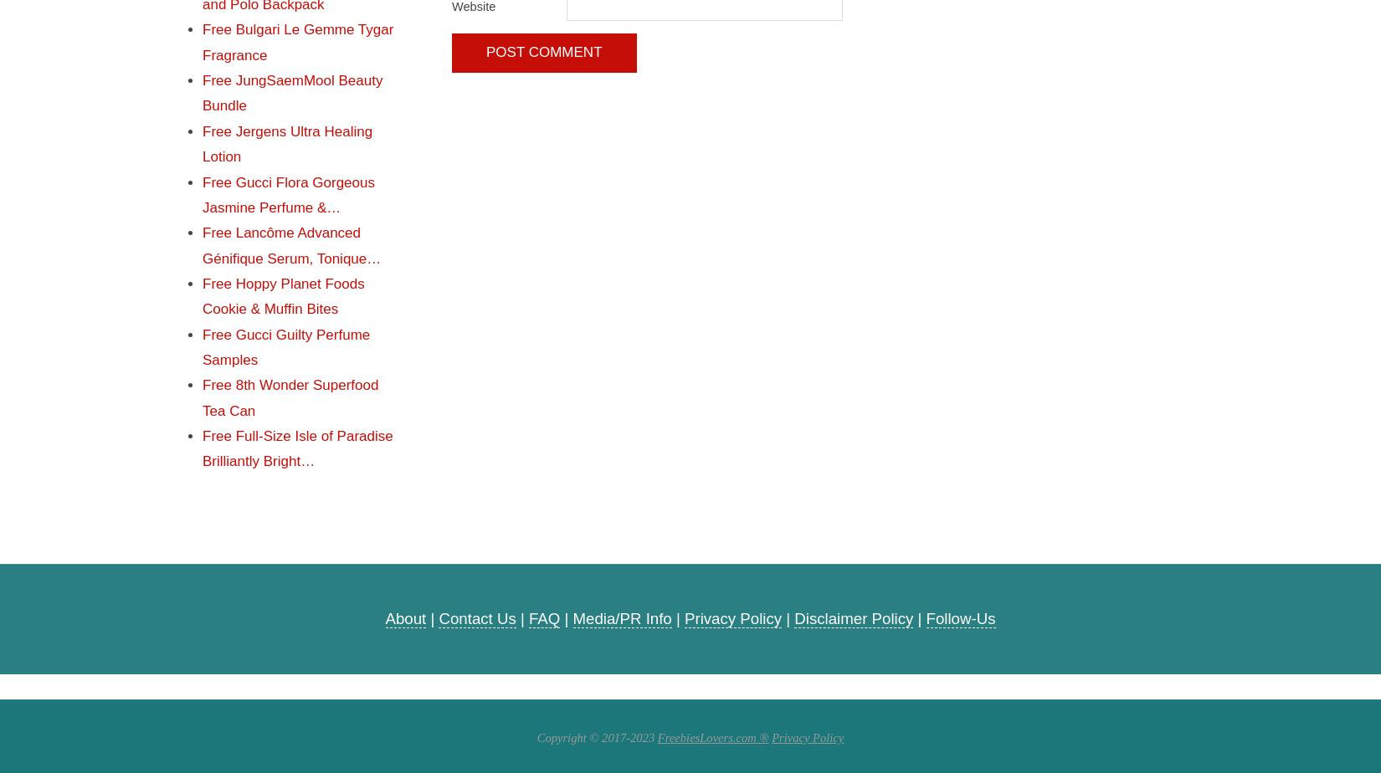 This screenshot has height=773, width=1381. What do you see at coordinates (476, 617) in the screenshot?
I see `'Contact Us'` at bounding box center [476, 617].